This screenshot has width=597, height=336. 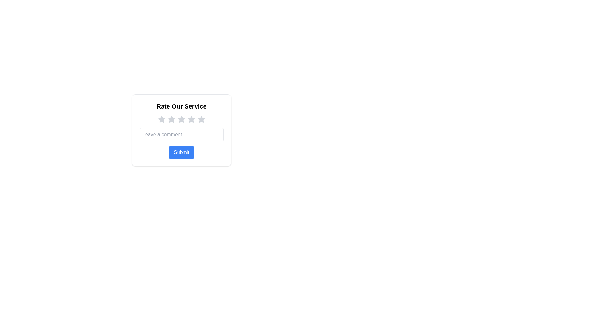 What do you see at coordinates (181, 106) in the screenshot?
I see `the 'Rate Our Service' text label, which is positioned at the top of the card layout and visually emphasized in bold, large font` at bounding box center [181, 106].